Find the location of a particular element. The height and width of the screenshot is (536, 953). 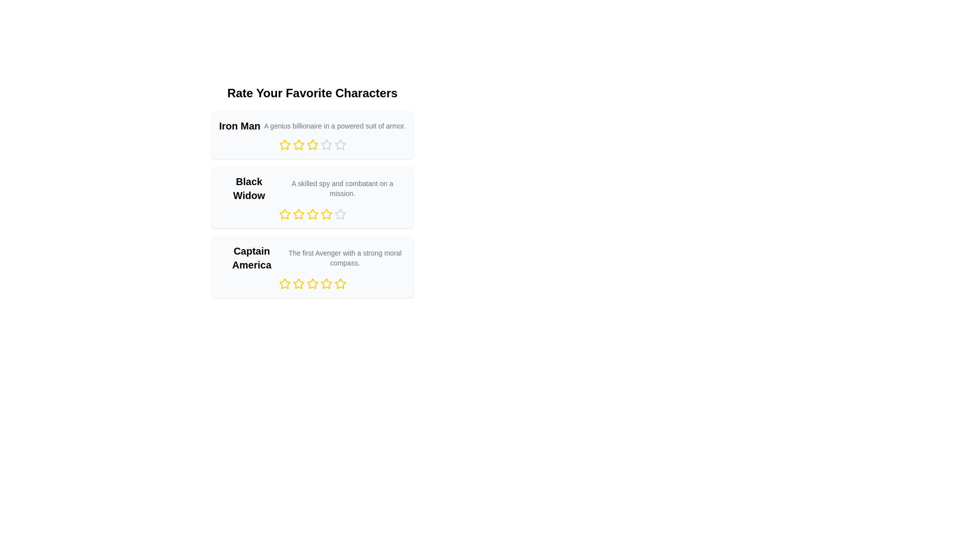

the third star in the Interactive Star rating interface below the text 'Iron Man' is located at coordinates (312, 145).